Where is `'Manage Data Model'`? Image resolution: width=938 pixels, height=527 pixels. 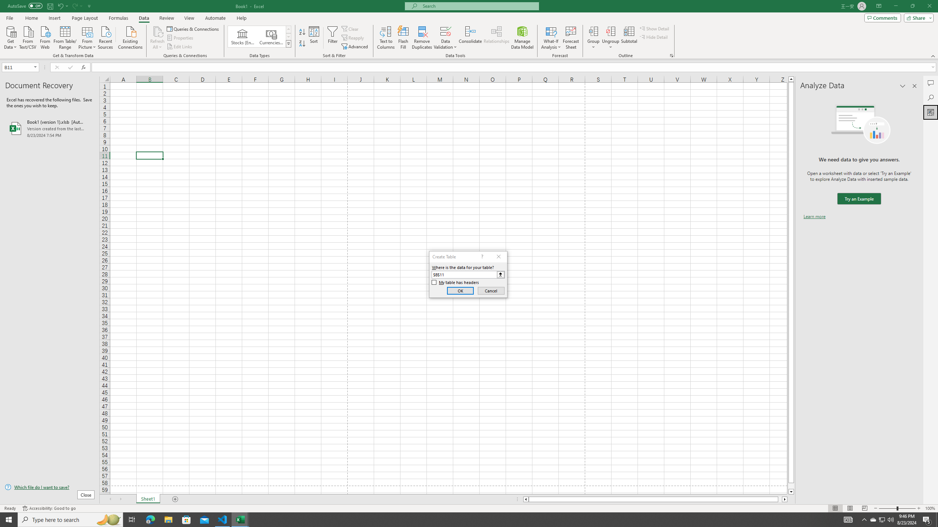 'Manage Data Model' is located at coordinates (522, 38).